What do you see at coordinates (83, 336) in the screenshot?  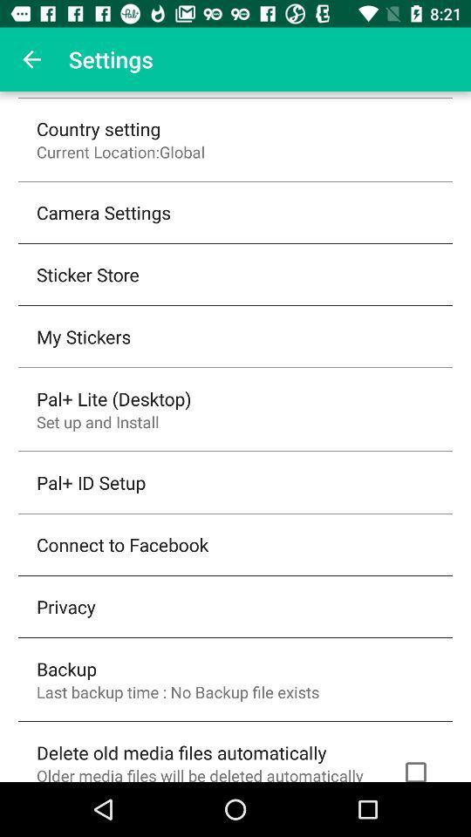 I see `the my stickers icon` at bounding box center [83, 336].